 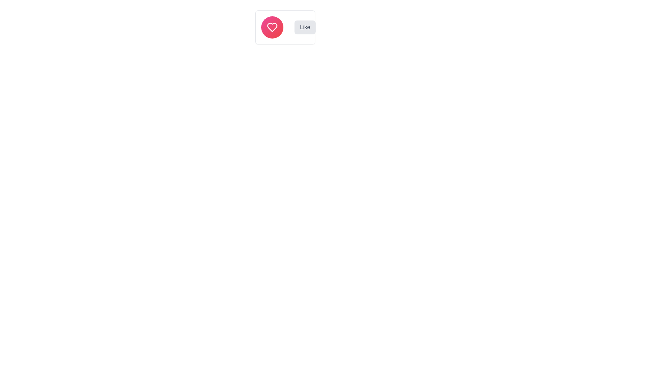 What do you see at coordinates (272, 27) in the screenshot?
I see `the pink heart icon, which is located inside the left circular button of a small panel at the upper part of the interface` at bounding box center [272, 27].